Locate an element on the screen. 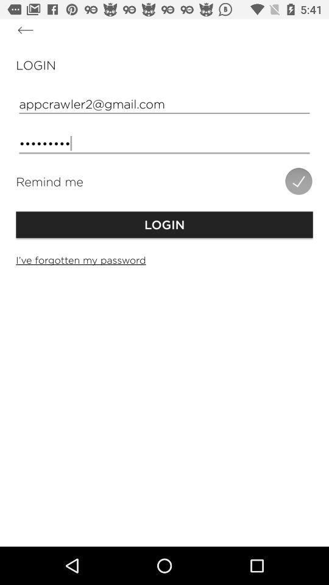  icon above the login item is located at coordinates (298, 180).